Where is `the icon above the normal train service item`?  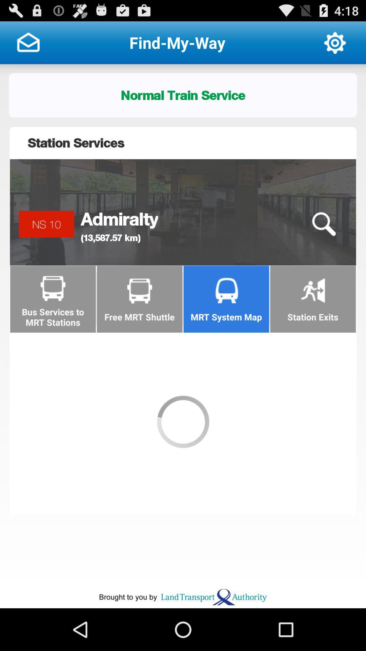
the icon above the normal train service item is located at coordinates (28, 42).